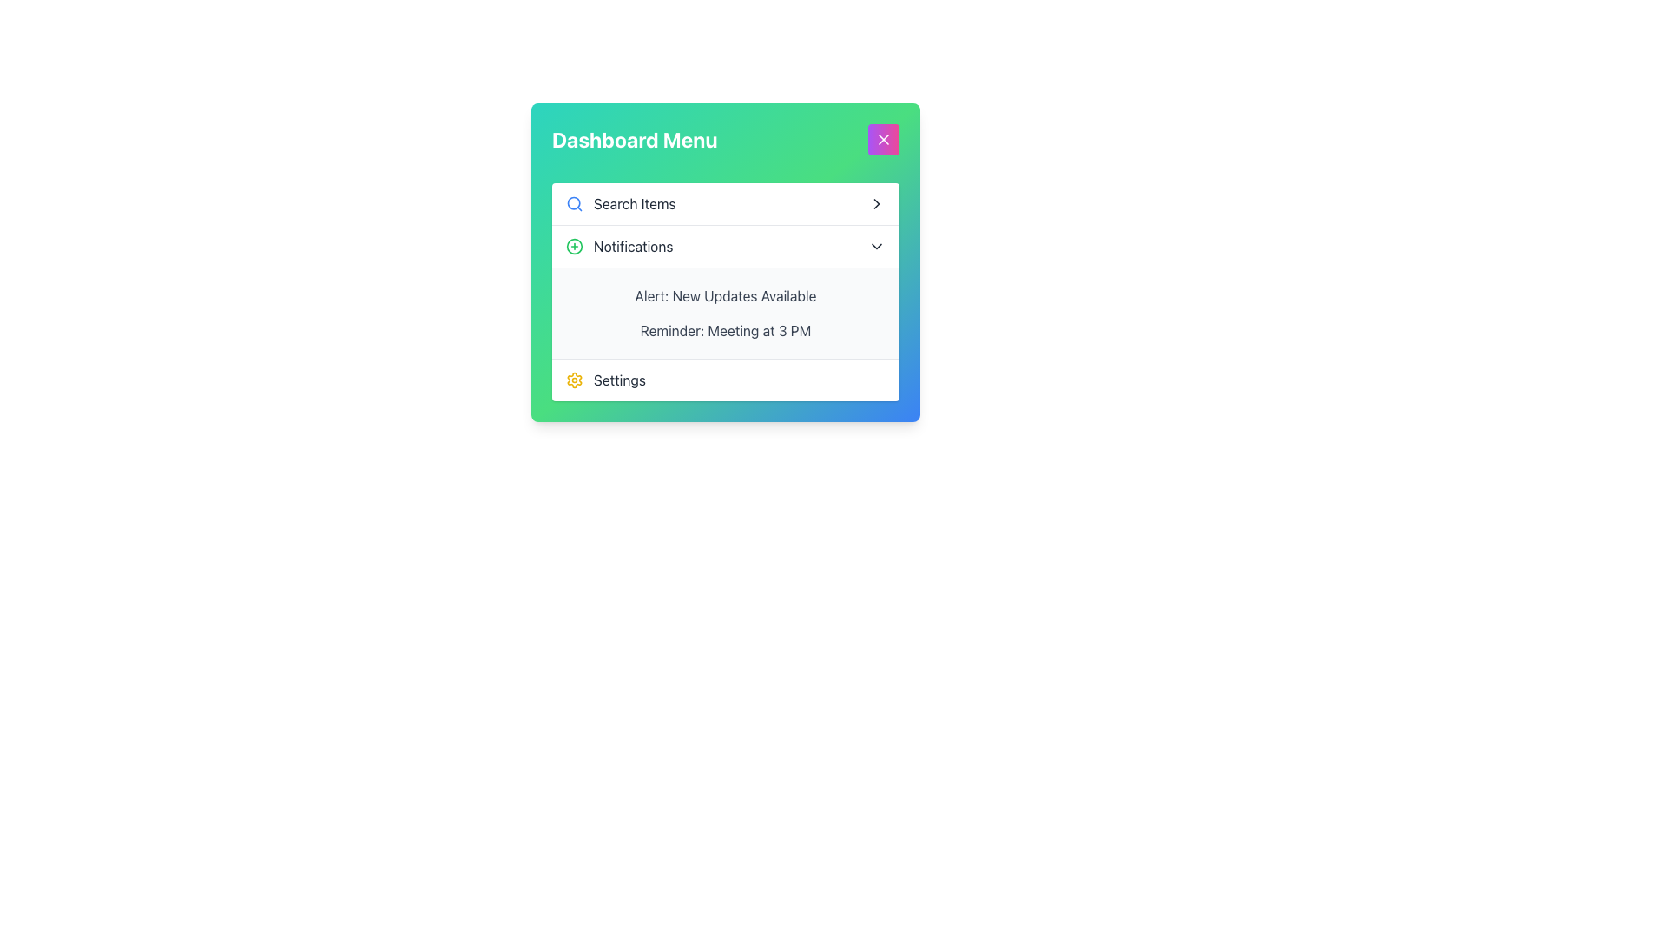  What do you see at coordinates (574, 202) in the screenshot?
I see `the circular shape in the center of the search icon located in the header of the dashboard menu` at bounding box center [574, 202].